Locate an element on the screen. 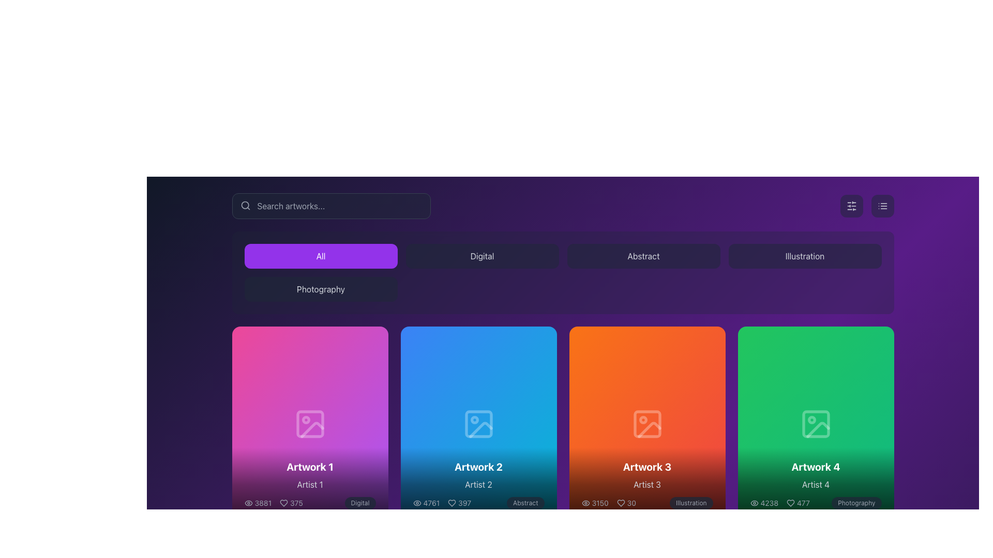 This screenshot has height=558, width=993. the text element showing the view count for Artwork 4, located at the bottom left corner of the card, next to the eye icon and to the left of the numeric value '477' is located at coordinates (764, 502).